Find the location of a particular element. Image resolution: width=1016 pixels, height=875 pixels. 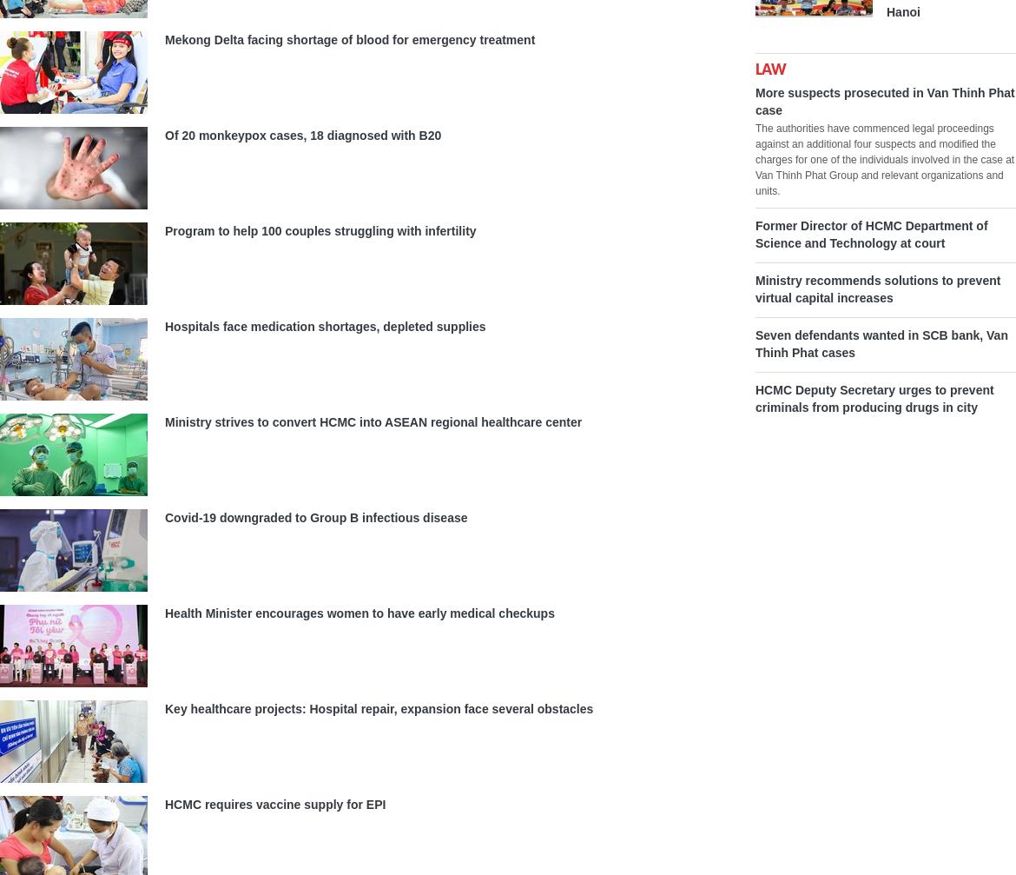

'Health Minister encourages women to have early medical checkups' is located at coordinates (359, 612).